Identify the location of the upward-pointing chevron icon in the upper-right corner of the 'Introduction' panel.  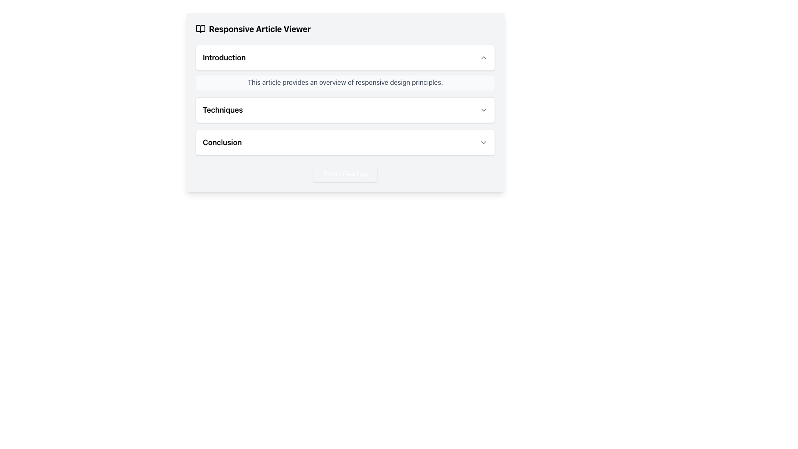
(483, 57).